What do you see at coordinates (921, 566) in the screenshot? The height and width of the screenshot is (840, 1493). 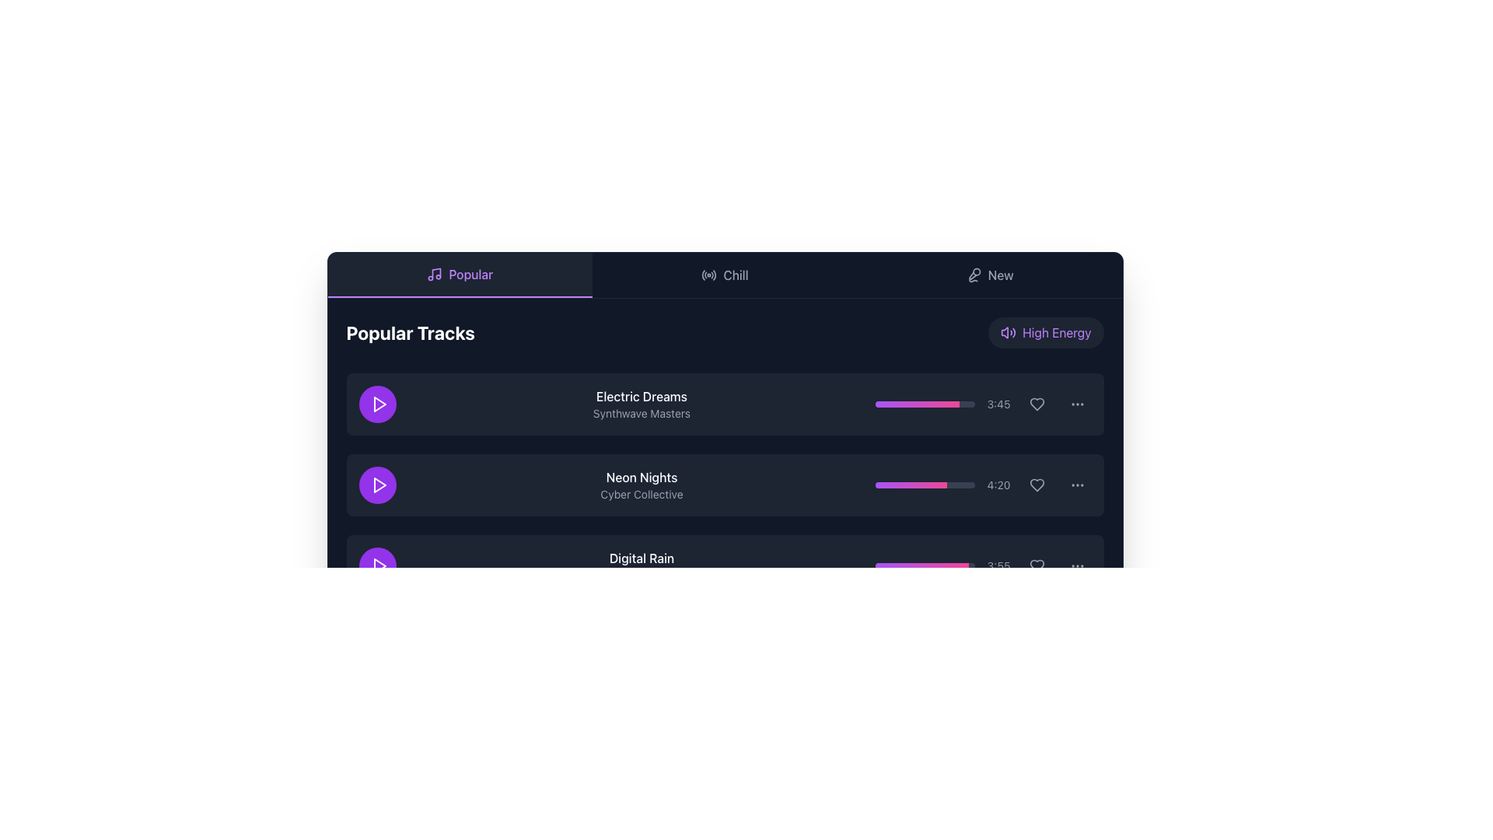 I see `the visual state of the progress indicator for the track 'Digital Rain' within the progress bar, which shows approximately 94% completion with a gradient from purple to pink` at bounding box center [921, 566].